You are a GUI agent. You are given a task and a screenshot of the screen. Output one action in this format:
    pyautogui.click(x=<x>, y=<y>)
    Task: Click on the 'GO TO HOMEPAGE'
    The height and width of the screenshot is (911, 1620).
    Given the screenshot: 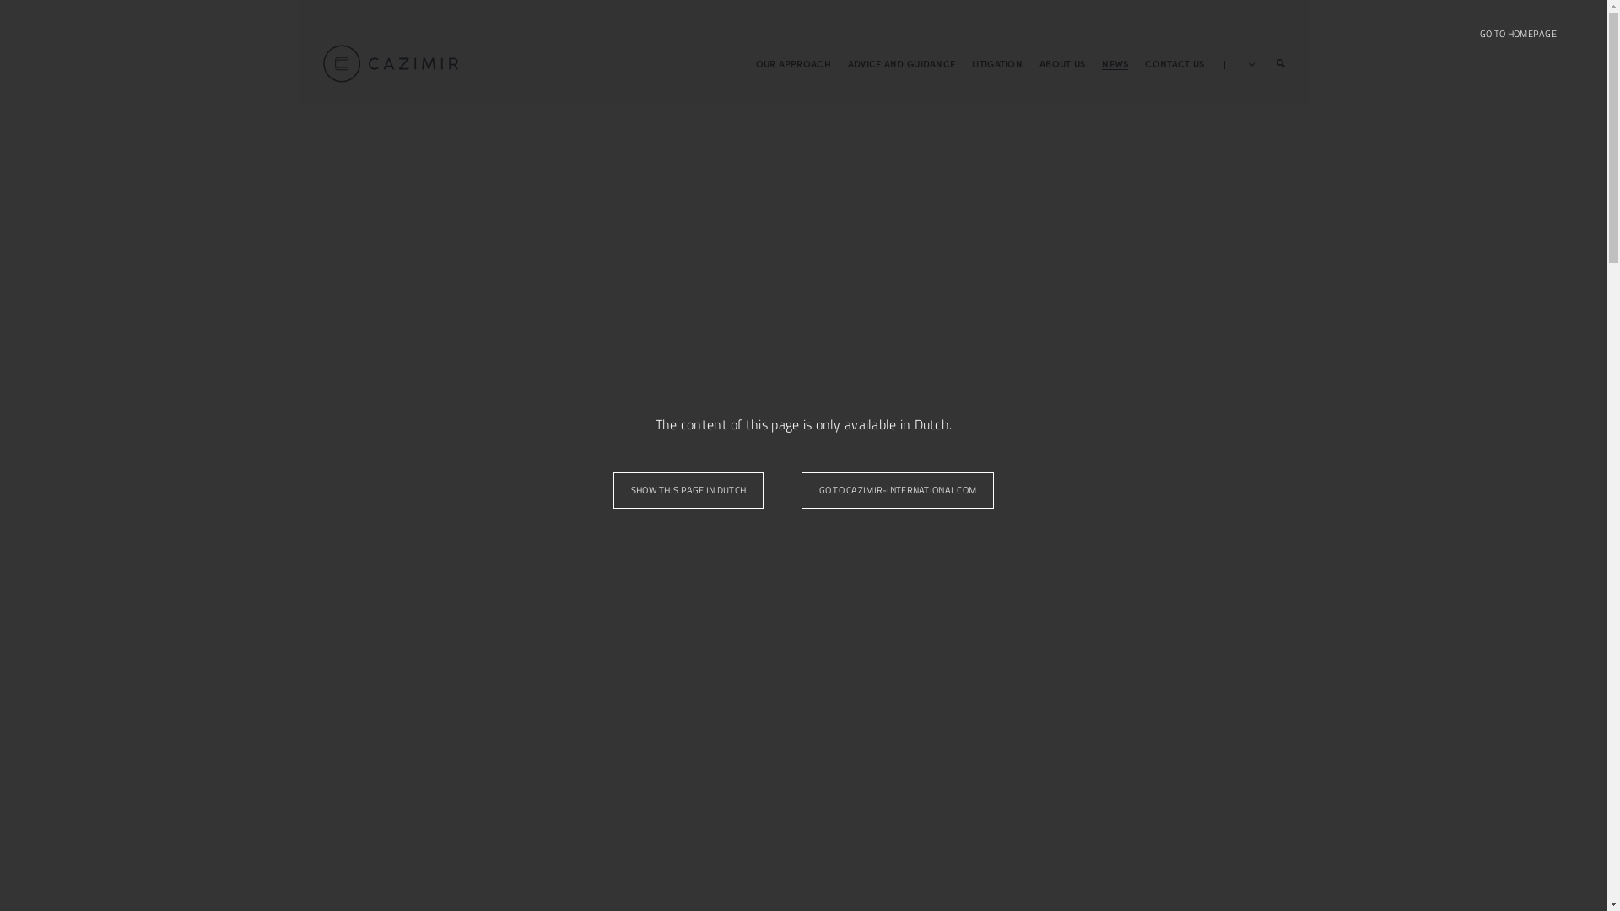 What is the action you would take?
    pyautogui.click(x=1518, y=34)
    